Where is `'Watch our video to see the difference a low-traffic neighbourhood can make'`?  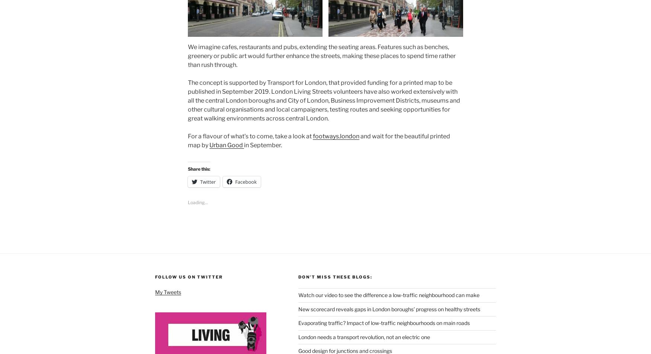
'Watch our video to see the difference a low-traffic neighbourhood can make' is located at coordinates (297, 293).